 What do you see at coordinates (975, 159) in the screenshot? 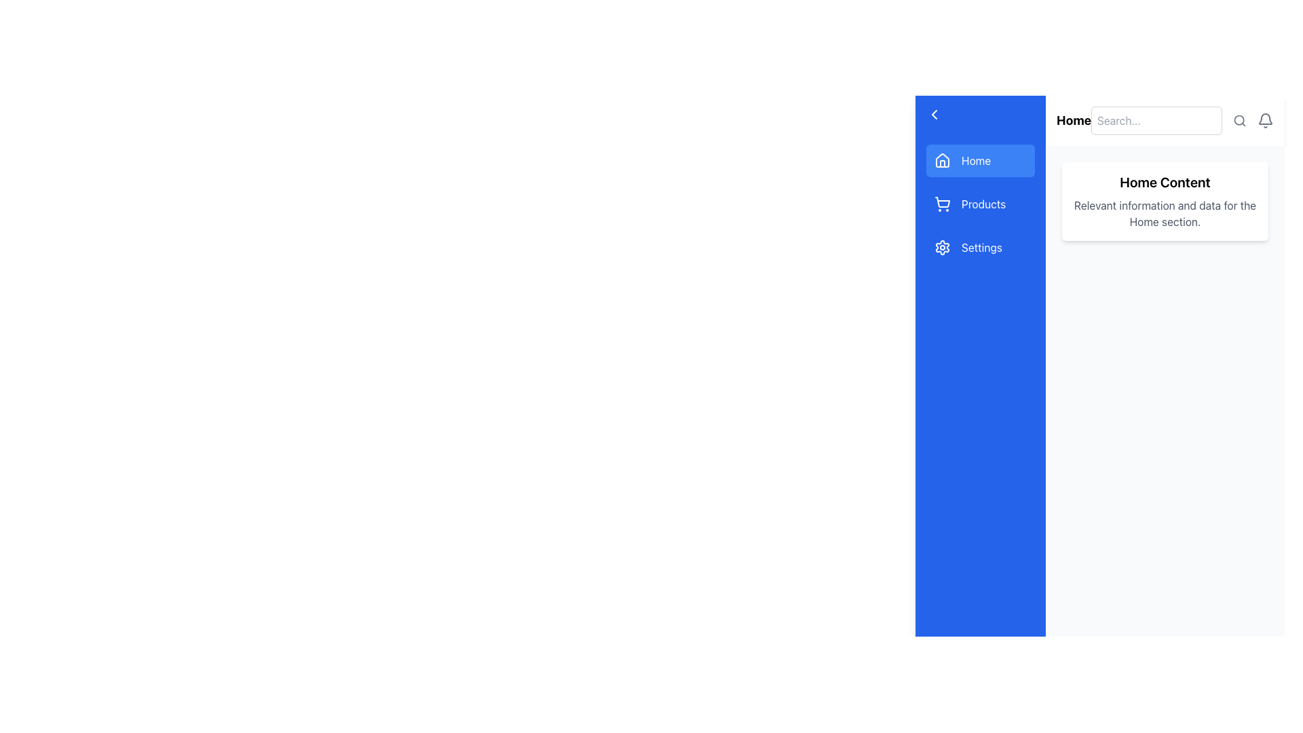
I see `the 'Home' Text Label located in the blue sidebar menu` at bounding box center [975, 159].